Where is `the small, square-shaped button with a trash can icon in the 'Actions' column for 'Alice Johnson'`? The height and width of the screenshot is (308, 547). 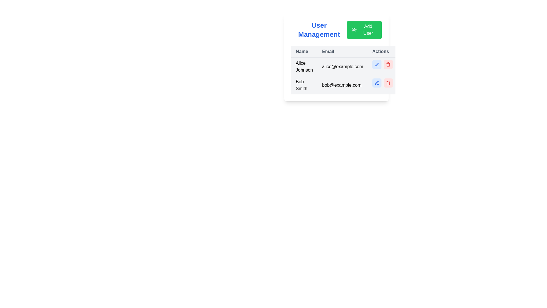
the small, square-shaped button with a trash can icon in the 'Actions' column for 'Alice Johnson' is located at coordinates (388, 64).